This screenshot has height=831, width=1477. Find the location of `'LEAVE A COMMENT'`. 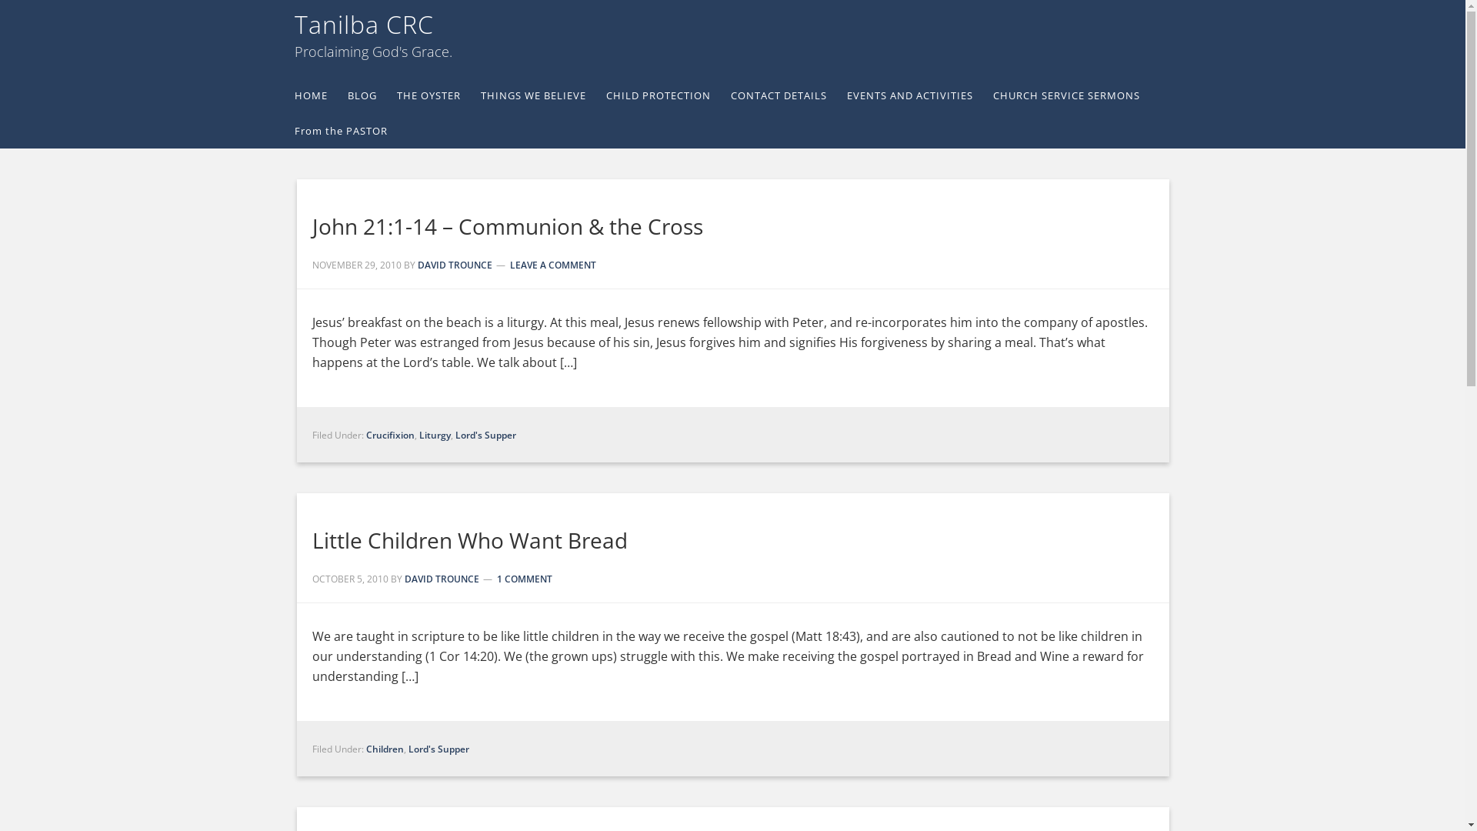

'LEAVE A COMMENT' is located at coordinates (552, 264).